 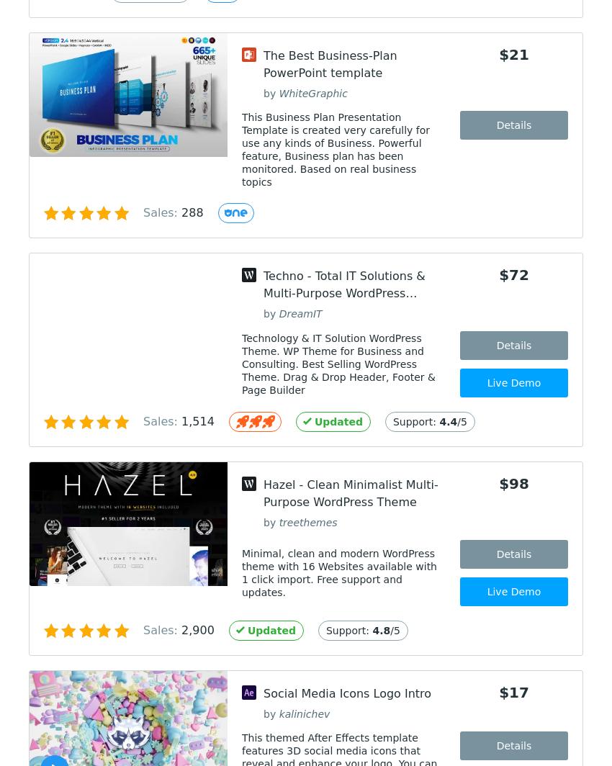 What do you see at coordinates (191, 212) in the screenshot?
I see `'288'` at bounding box center [191, 212].